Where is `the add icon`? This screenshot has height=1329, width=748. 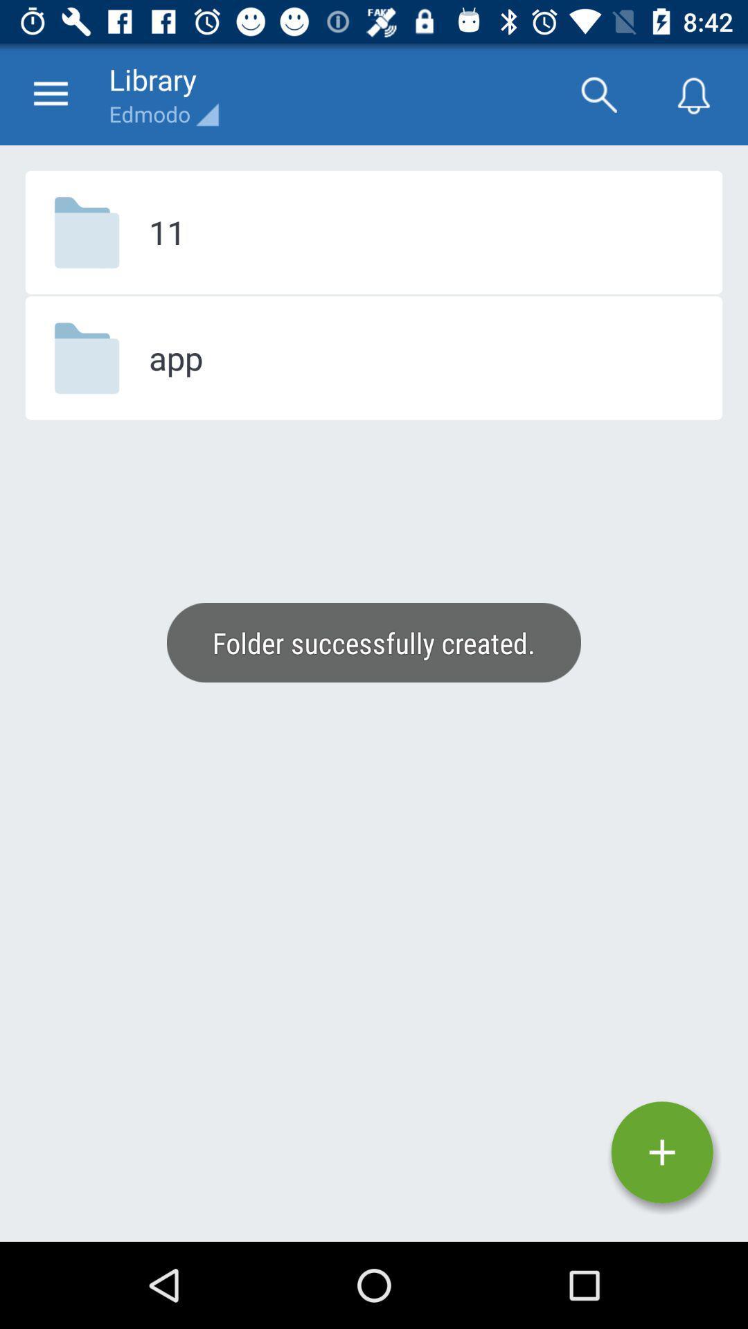 the add icon is located at coordinates (661, 1152).